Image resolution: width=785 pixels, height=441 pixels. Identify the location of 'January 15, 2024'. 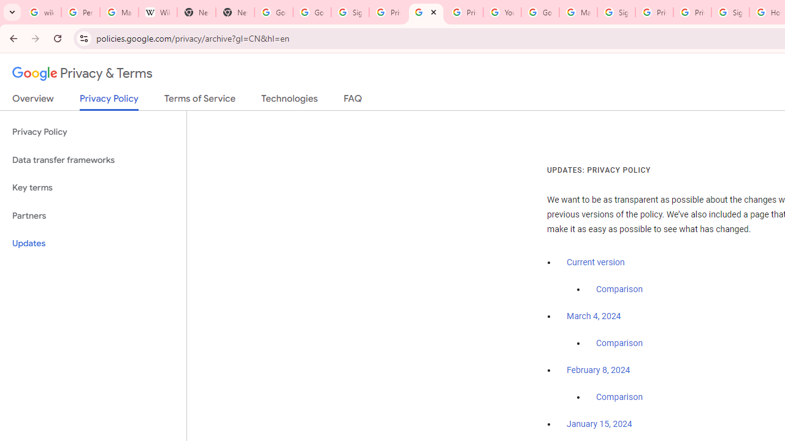
(599, 424).